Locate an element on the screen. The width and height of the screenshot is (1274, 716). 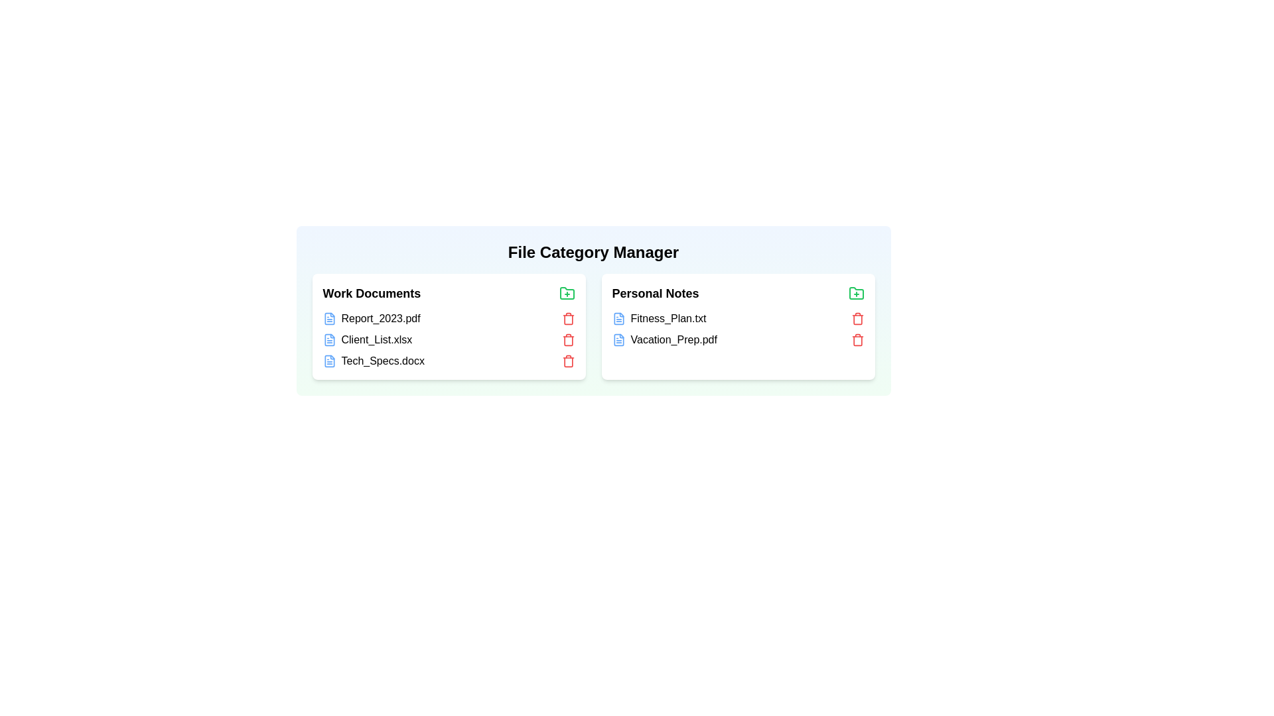
trash icon next to the file Vacation_Prep.pdf in the category Personal Notes is located at coordinates (857, 339).